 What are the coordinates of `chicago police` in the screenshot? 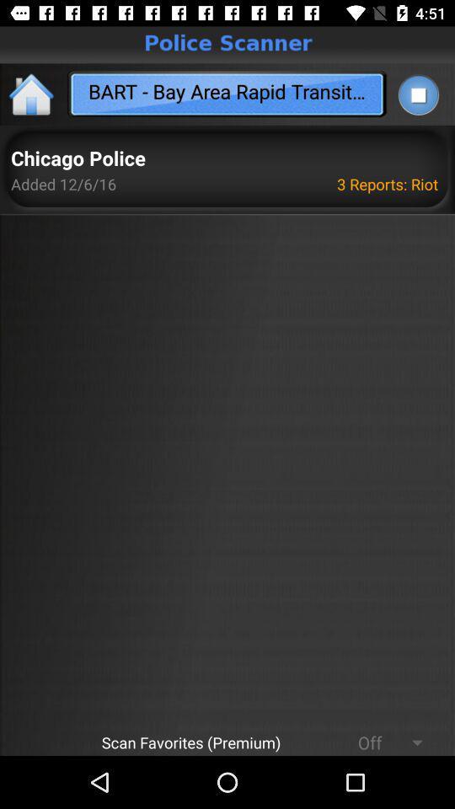 It's located at (77, 159).